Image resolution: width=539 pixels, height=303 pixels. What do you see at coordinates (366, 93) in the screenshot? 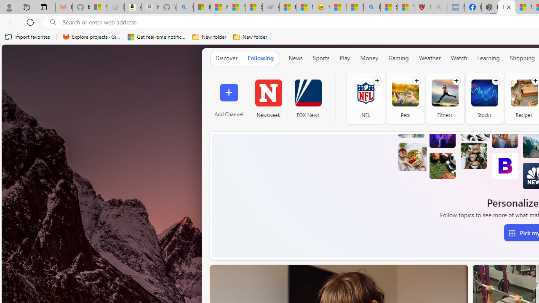
I see `'NFL'` at bounding box center [366, 93].